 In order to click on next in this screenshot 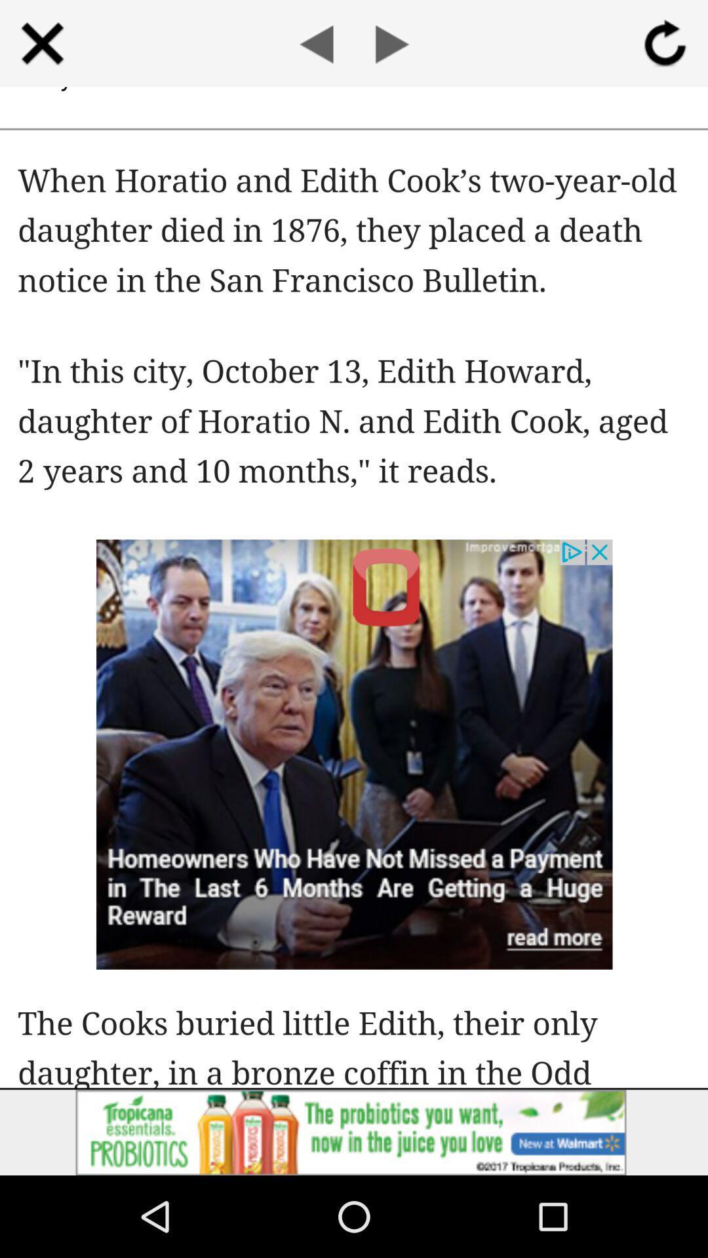, I will do `click(391, 43)`.